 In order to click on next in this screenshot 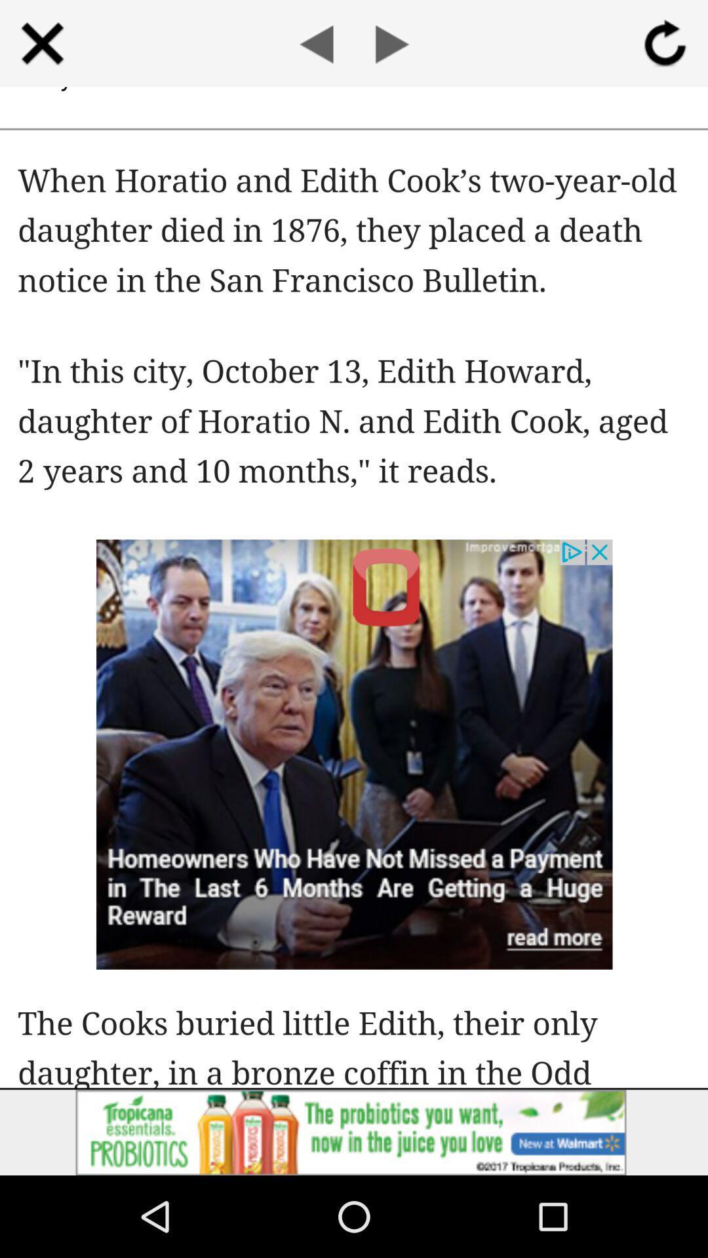, I will do `click(391, 43)`.